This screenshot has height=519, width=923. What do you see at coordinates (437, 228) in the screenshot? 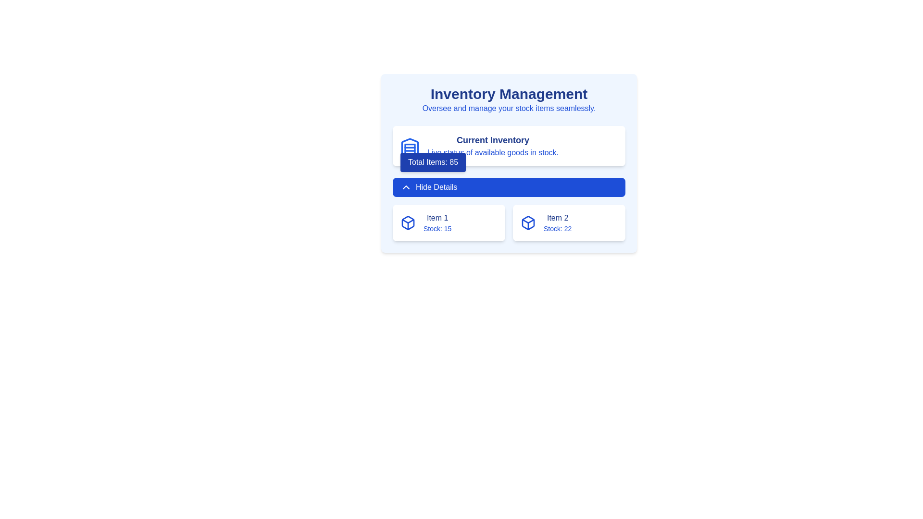
I see `stock information displayed in the text label that shows 'Stock: 15', located below the label 'Item 1'` at bounding box center [437, 228].